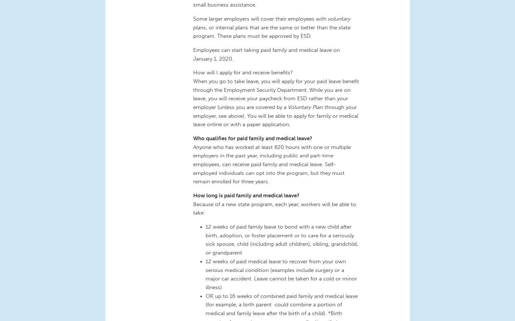  Describe the element at coordinates (272, 31) in the screenshot. I see `', or internal plans that are the same or better than the state program. These plans must be approved by ESD.'` at that location.